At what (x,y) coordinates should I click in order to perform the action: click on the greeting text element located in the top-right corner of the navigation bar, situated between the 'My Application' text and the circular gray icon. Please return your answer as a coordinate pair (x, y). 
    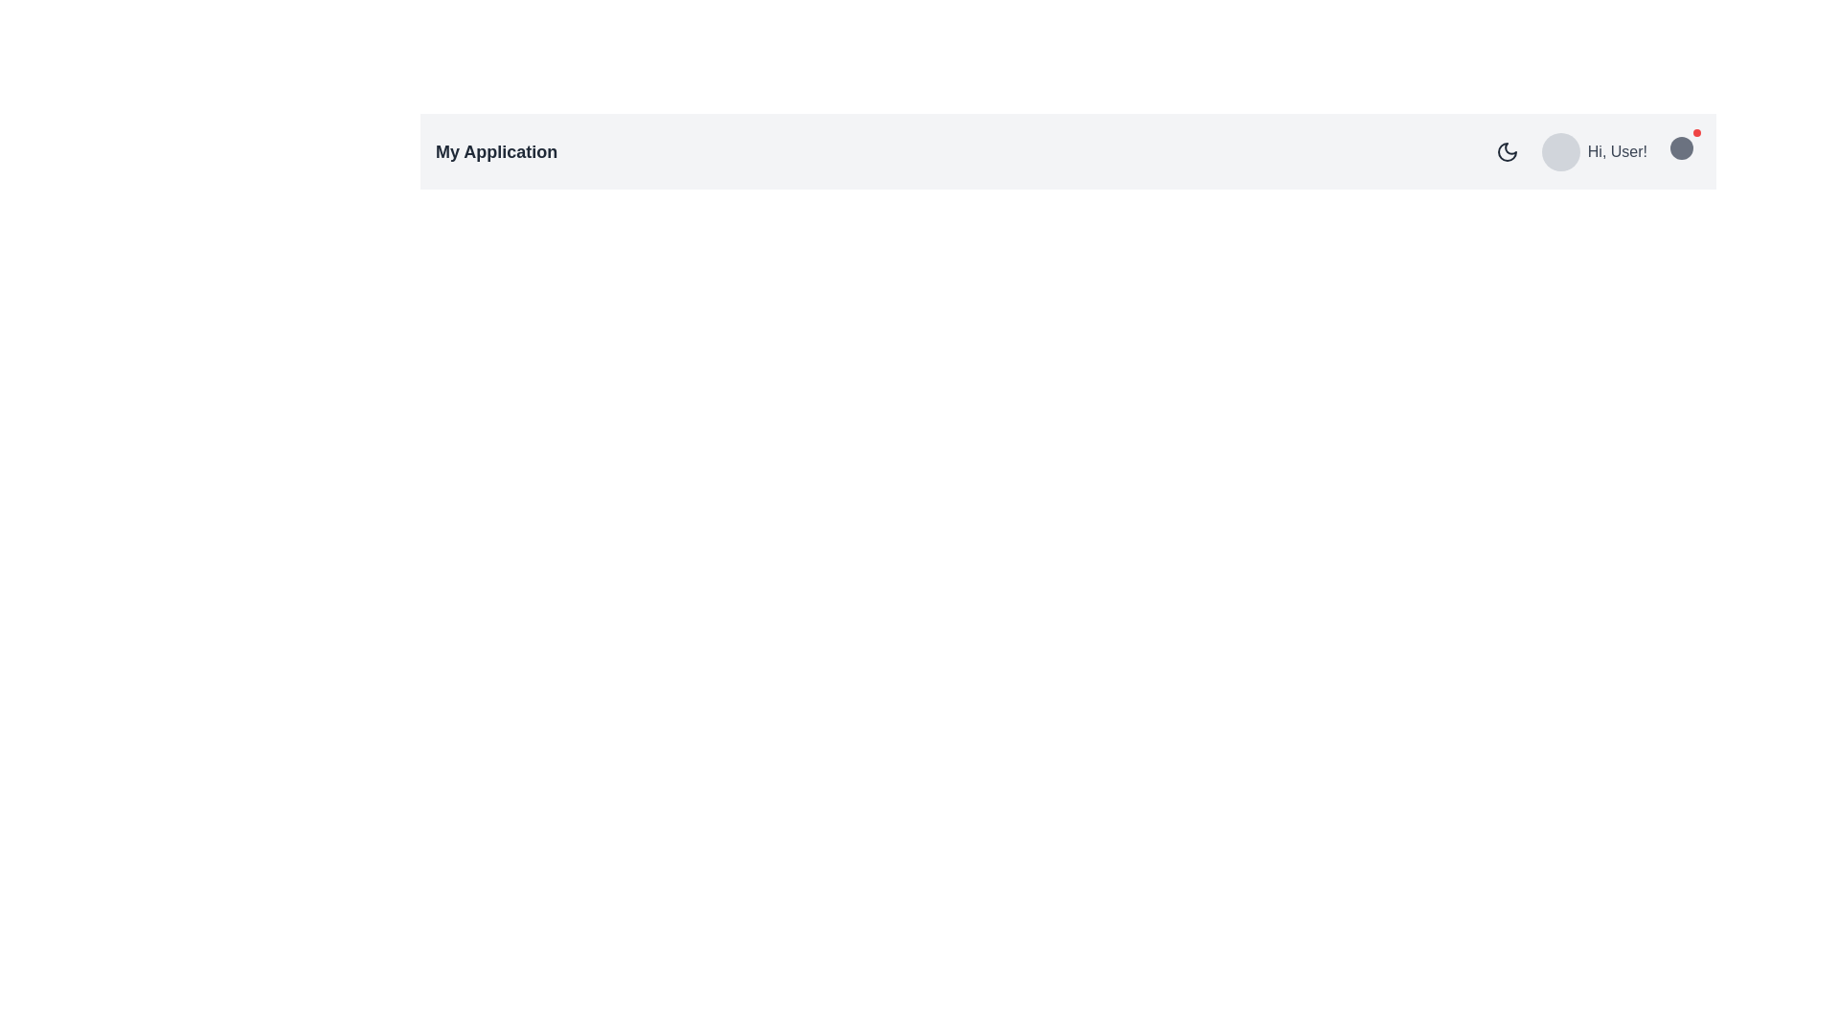
    Looking at the image, I should click on (1594, 150).